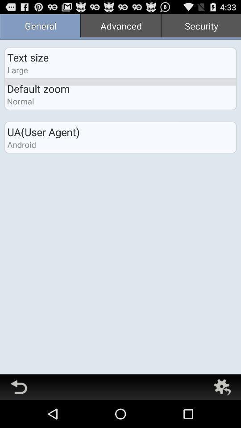  What do you see at coordinates (43, 132) in the screenshot?
I see `ua(user agent) item` at bounding box center [43, 132].